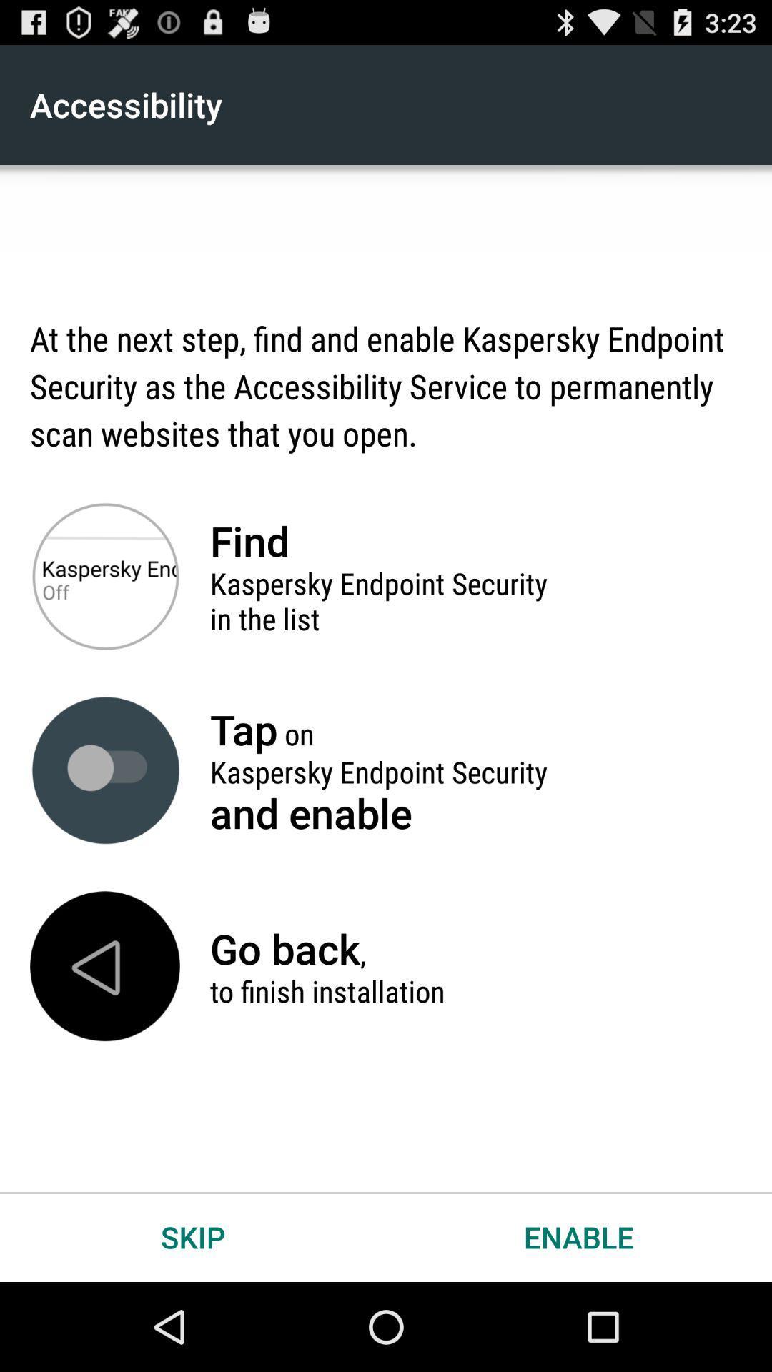 The image size is (772, 1372). I want to click on the icon next to enable button, so click(193, 1236).